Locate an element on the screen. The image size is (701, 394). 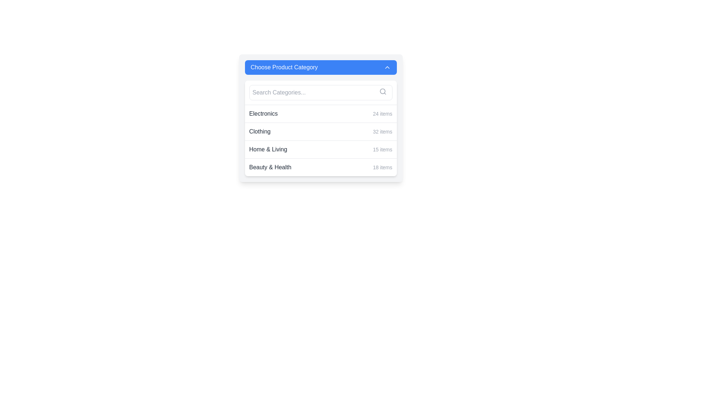
the 'Choose Product Category' text label displayed in bold white font on a blue rectangular background at the top of the dropdown menu to read it is located at coordinates (284, 67).